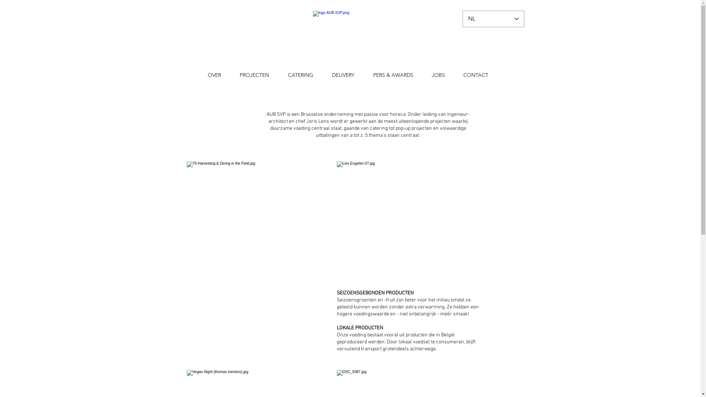  Describe the element at coordinates (300, 75) in the screenshot. I see `'CATERING'` at that location.